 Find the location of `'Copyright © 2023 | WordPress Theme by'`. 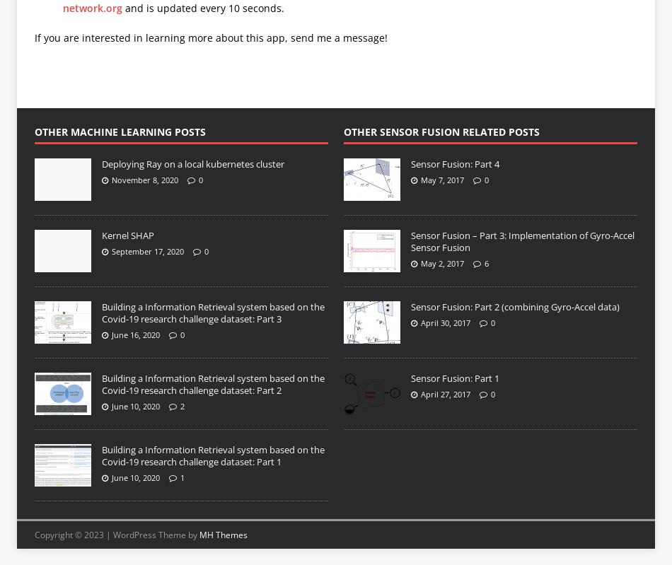

'Copyright © 2023 | WordPress Theme by' is located at coordinates (116, 535).